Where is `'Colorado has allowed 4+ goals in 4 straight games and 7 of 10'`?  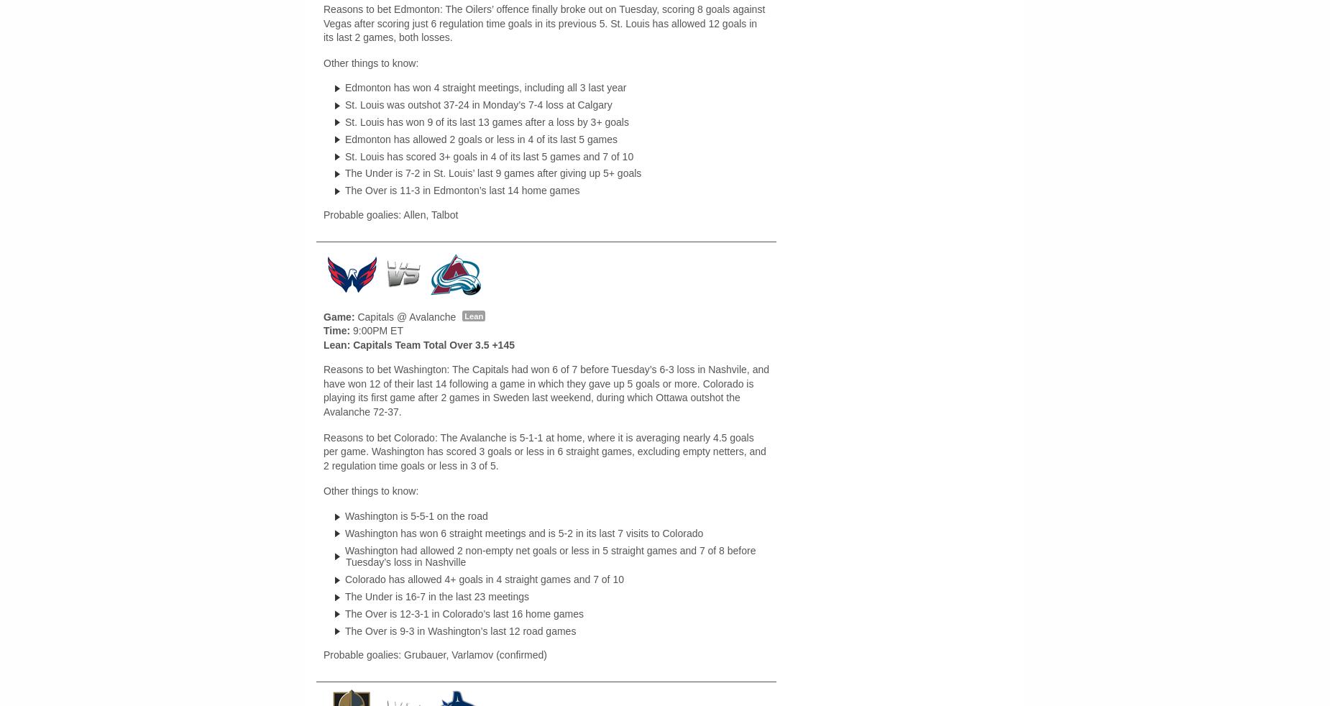
'Colorado has allowed 4+ goals in 4 straight games and 7 of 10' is located at coordinates (345, 579).